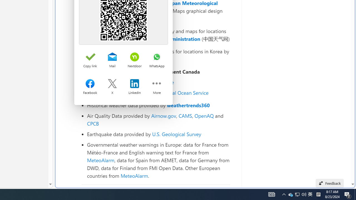 The width and height of the screenshot is (356, 200). I want to click on 'Share on Nextdoor', so click(135, 57).